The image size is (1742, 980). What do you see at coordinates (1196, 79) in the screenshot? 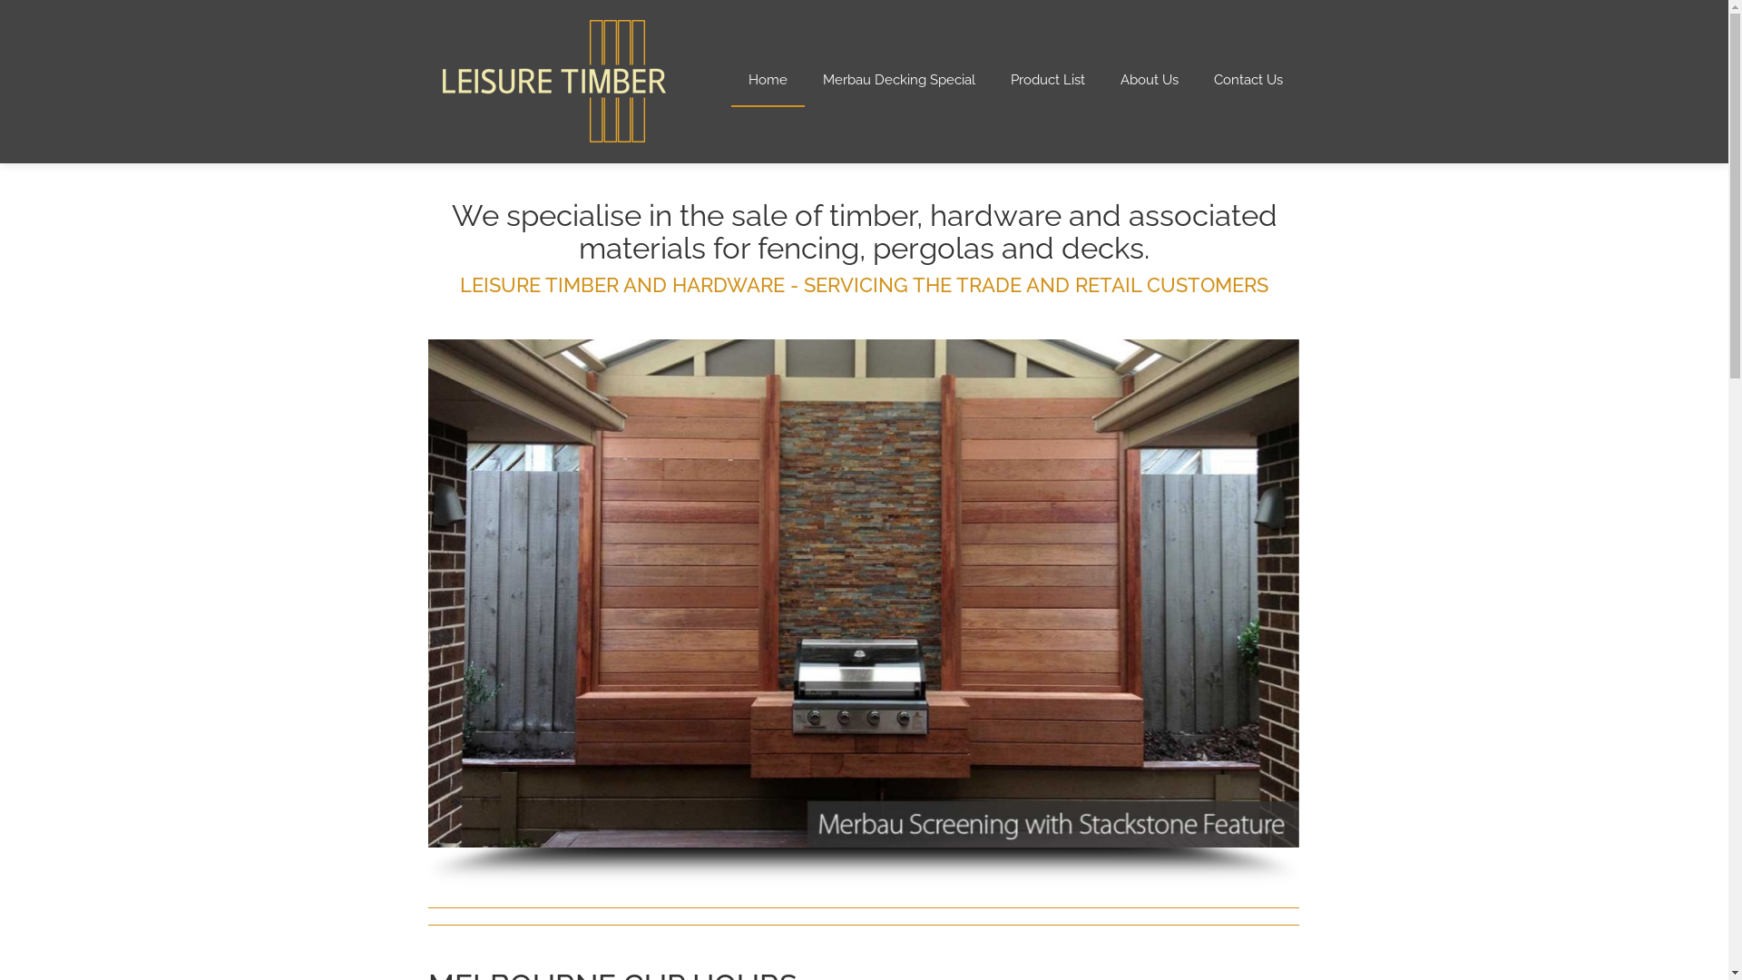
I see `'Contact Us'` at bounding box center [1196, 79].